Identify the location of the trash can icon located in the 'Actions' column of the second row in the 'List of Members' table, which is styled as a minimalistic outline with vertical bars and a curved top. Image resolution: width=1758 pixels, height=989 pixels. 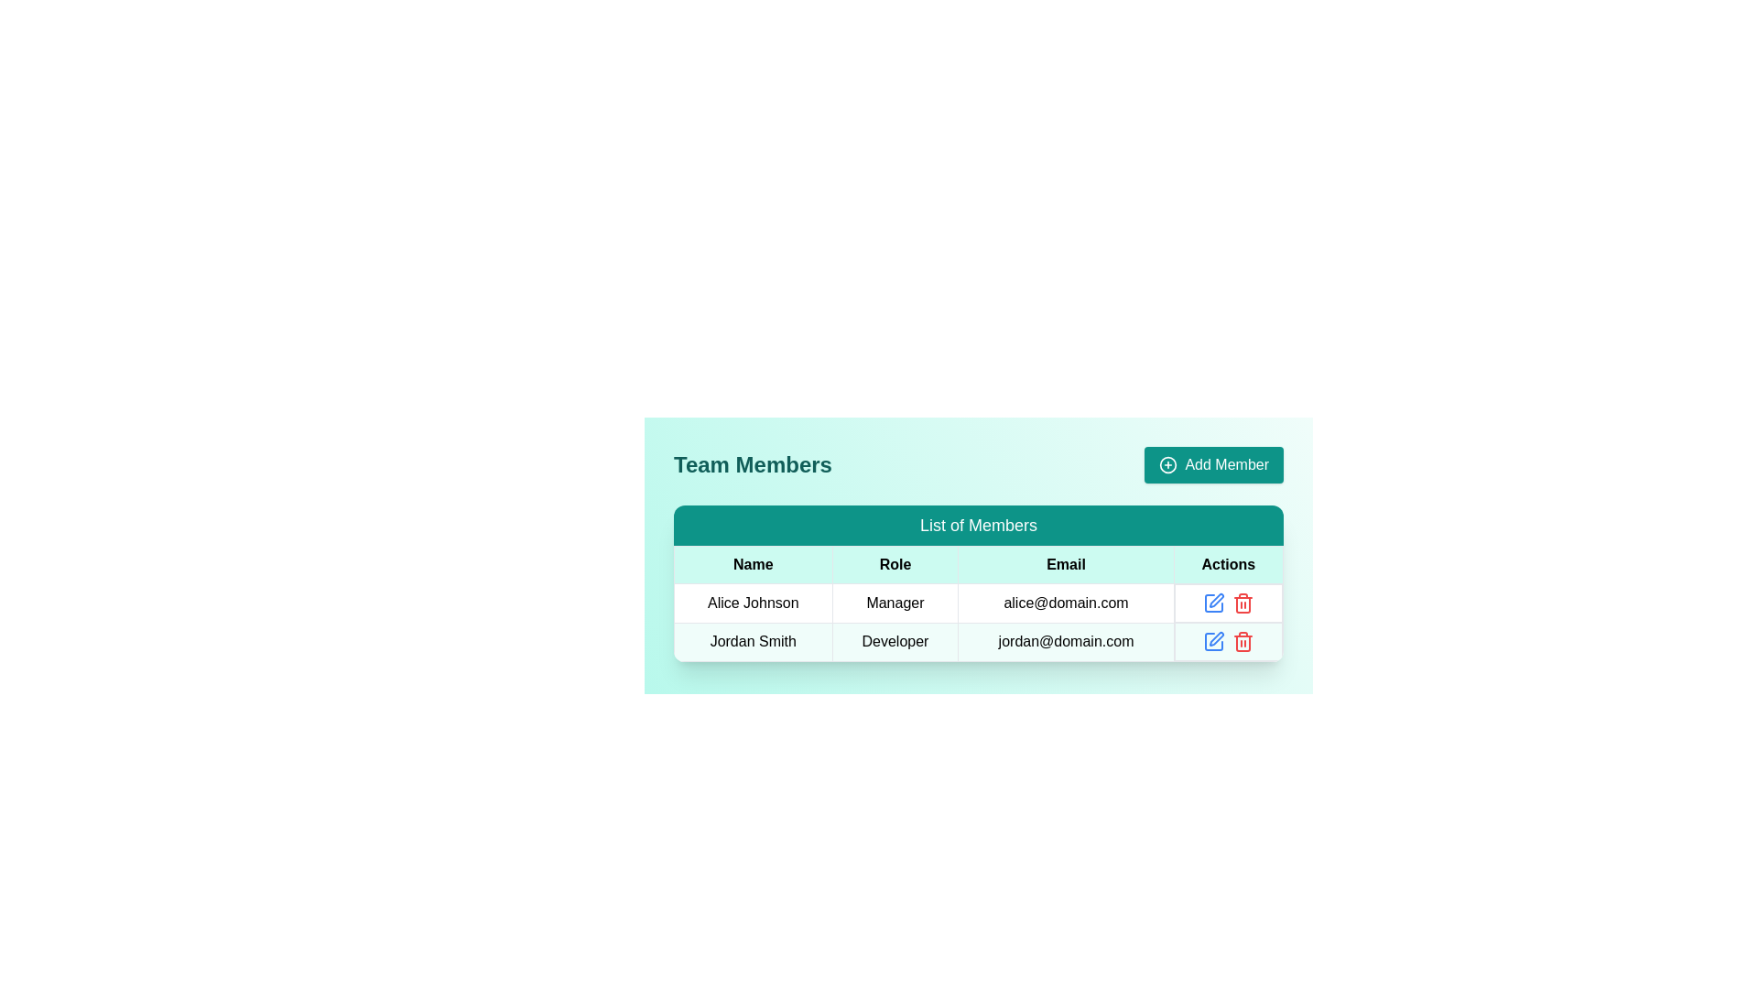
(1243, 642).